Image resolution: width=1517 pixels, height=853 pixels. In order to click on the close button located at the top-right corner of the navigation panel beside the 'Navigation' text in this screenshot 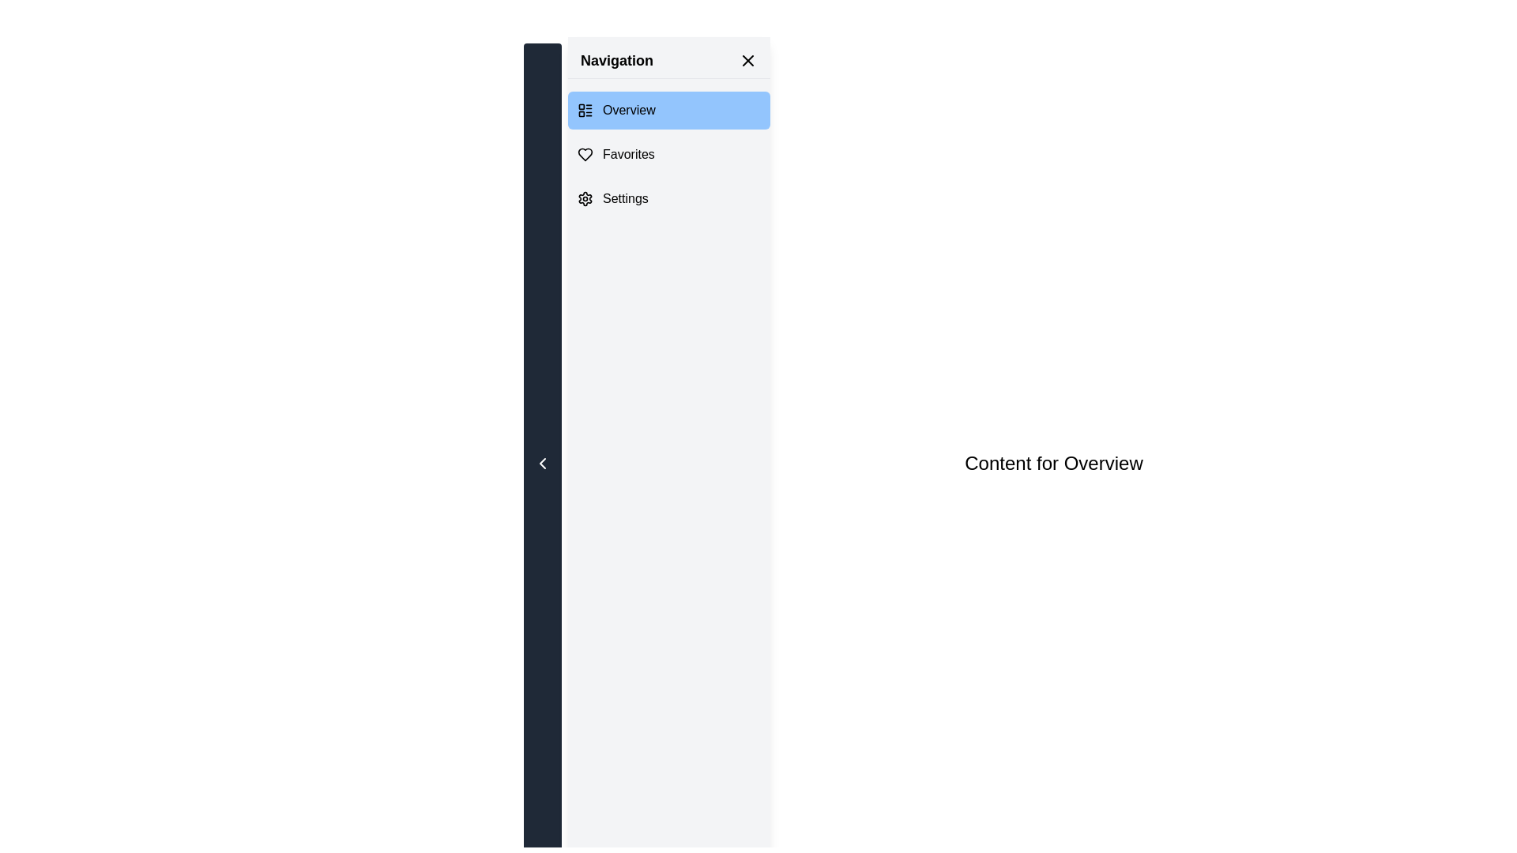, I will do `click(747, 60)`.